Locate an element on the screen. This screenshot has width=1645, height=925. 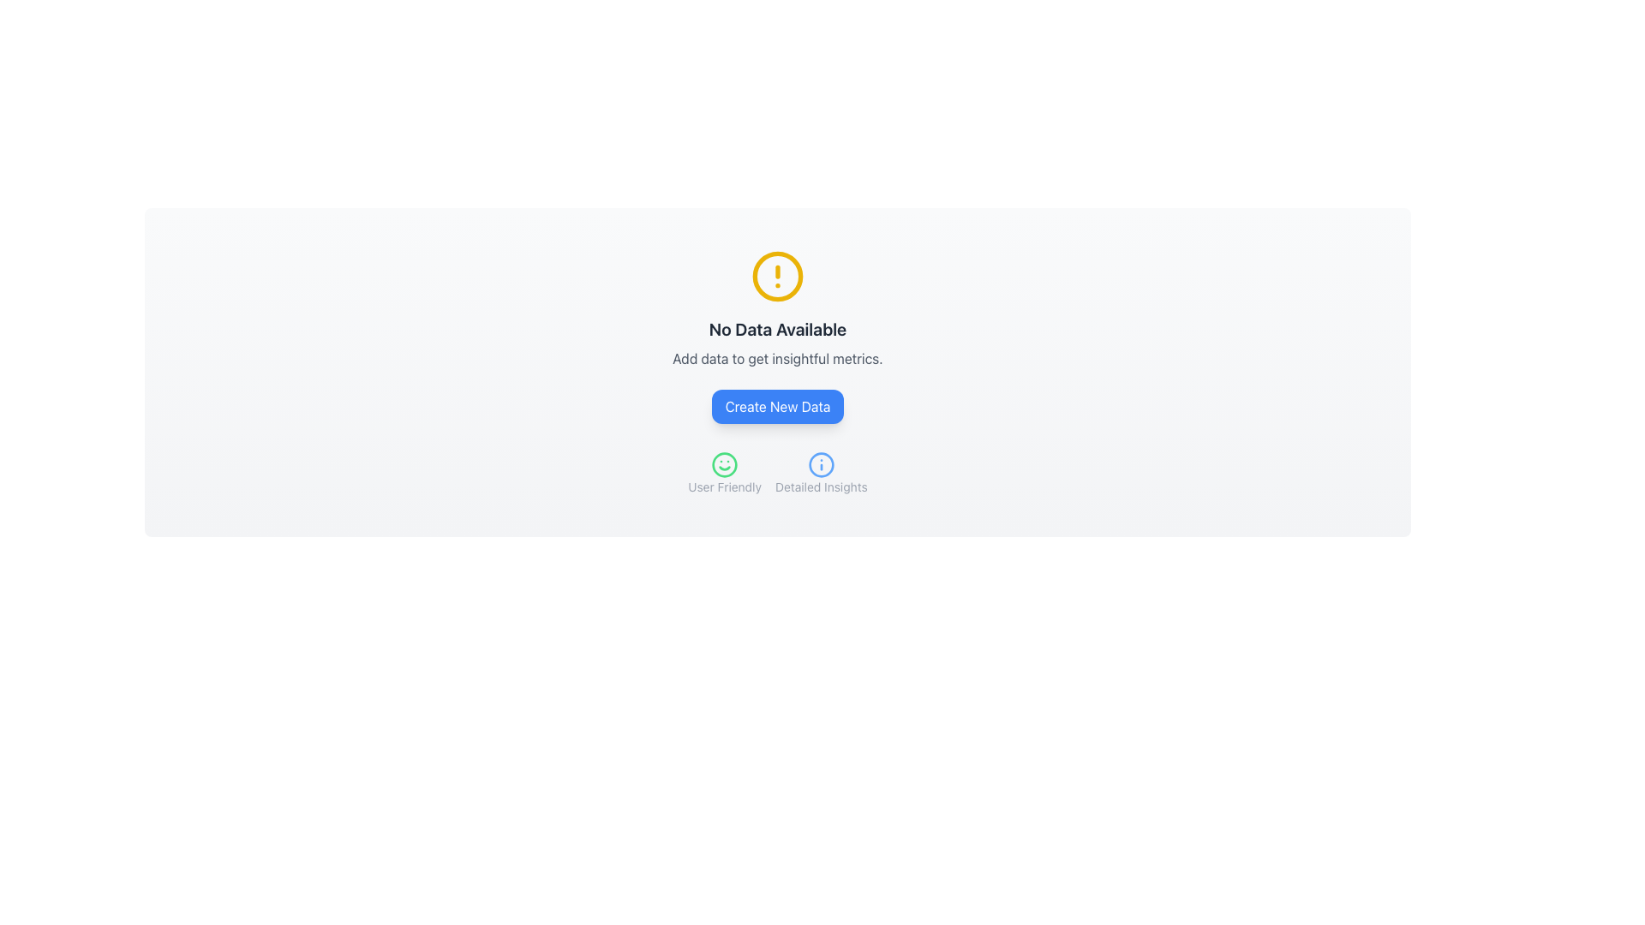
the non-interactive Text Label located below the blue 'Create New Data' button and under the information icon, on the right-hand side of the 'User Friendly' element is located at coordinates (820, 487).